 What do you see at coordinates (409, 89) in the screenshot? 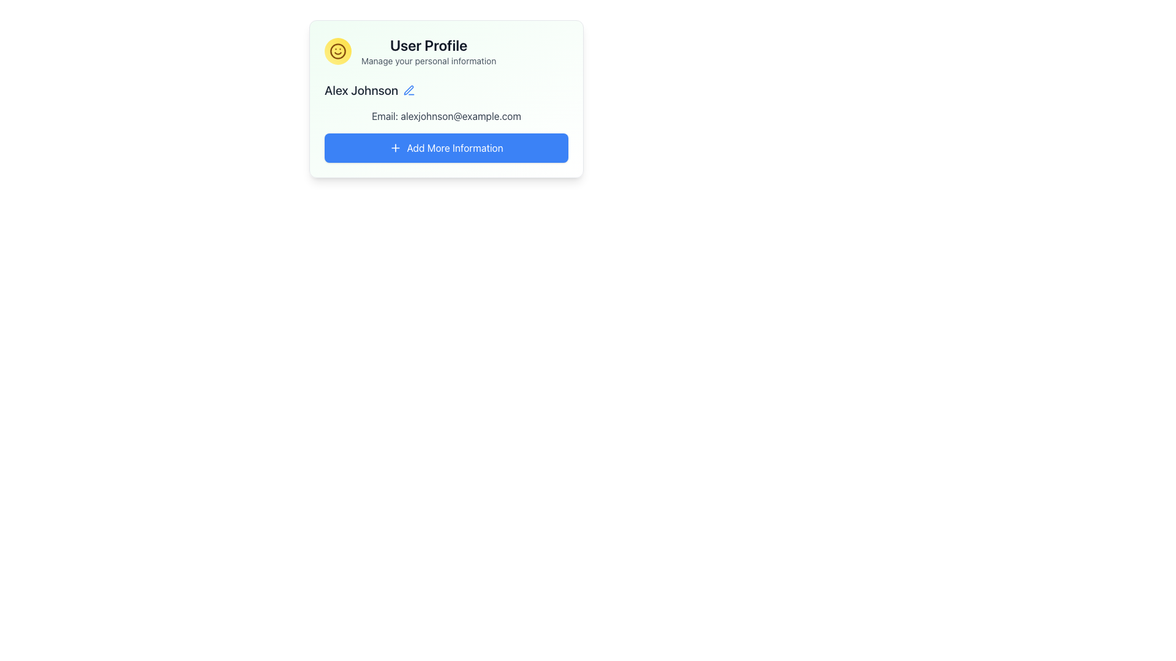
I see `the blue pen icon button` at bounding box center [409, 89].